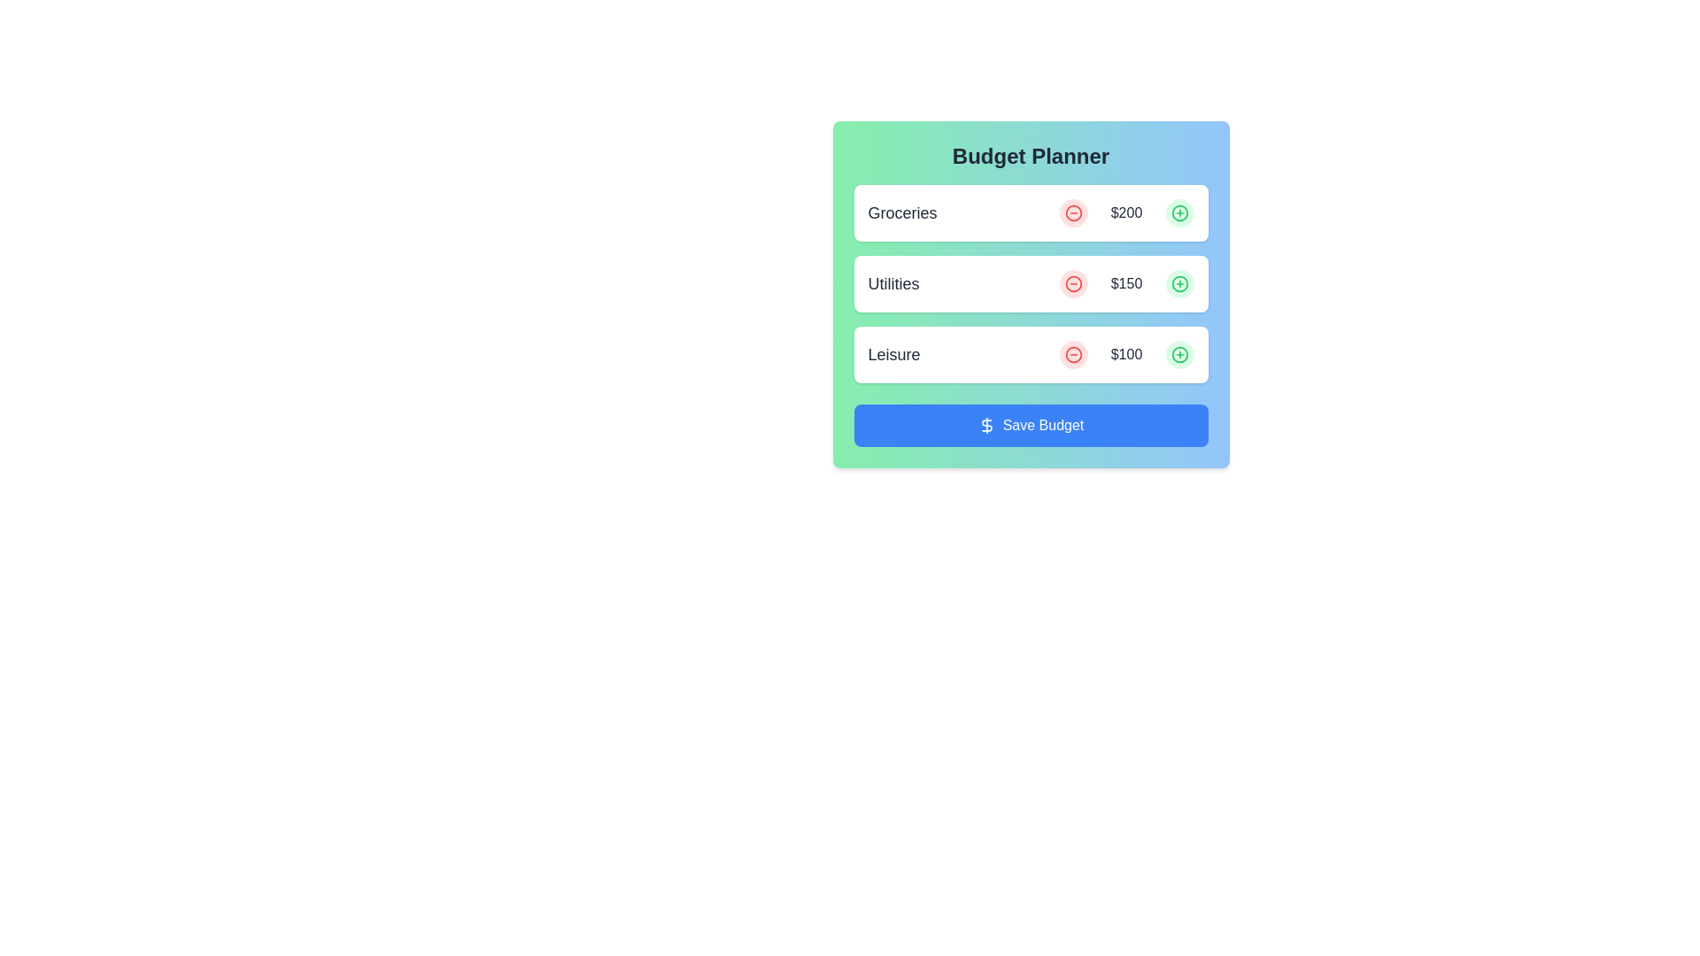 The height and width of the screenshot is (956, 1700). Describe the element at coordinates (902, 212) in the screenshot. I see `the 'Groceries' label, which is styled in a large font and positioned inside the first card of the budget items list, located above the '$200' text and next to a red circular button` at that location.